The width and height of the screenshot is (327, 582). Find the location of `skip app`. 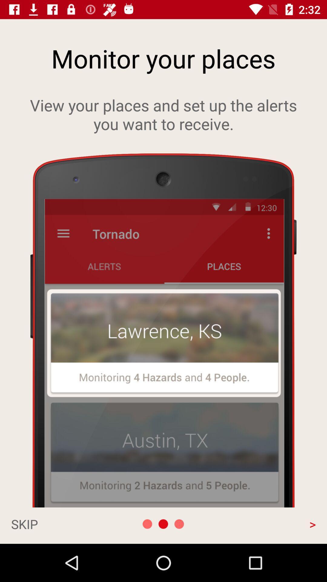

skip app is located at coordinates (56, 523).